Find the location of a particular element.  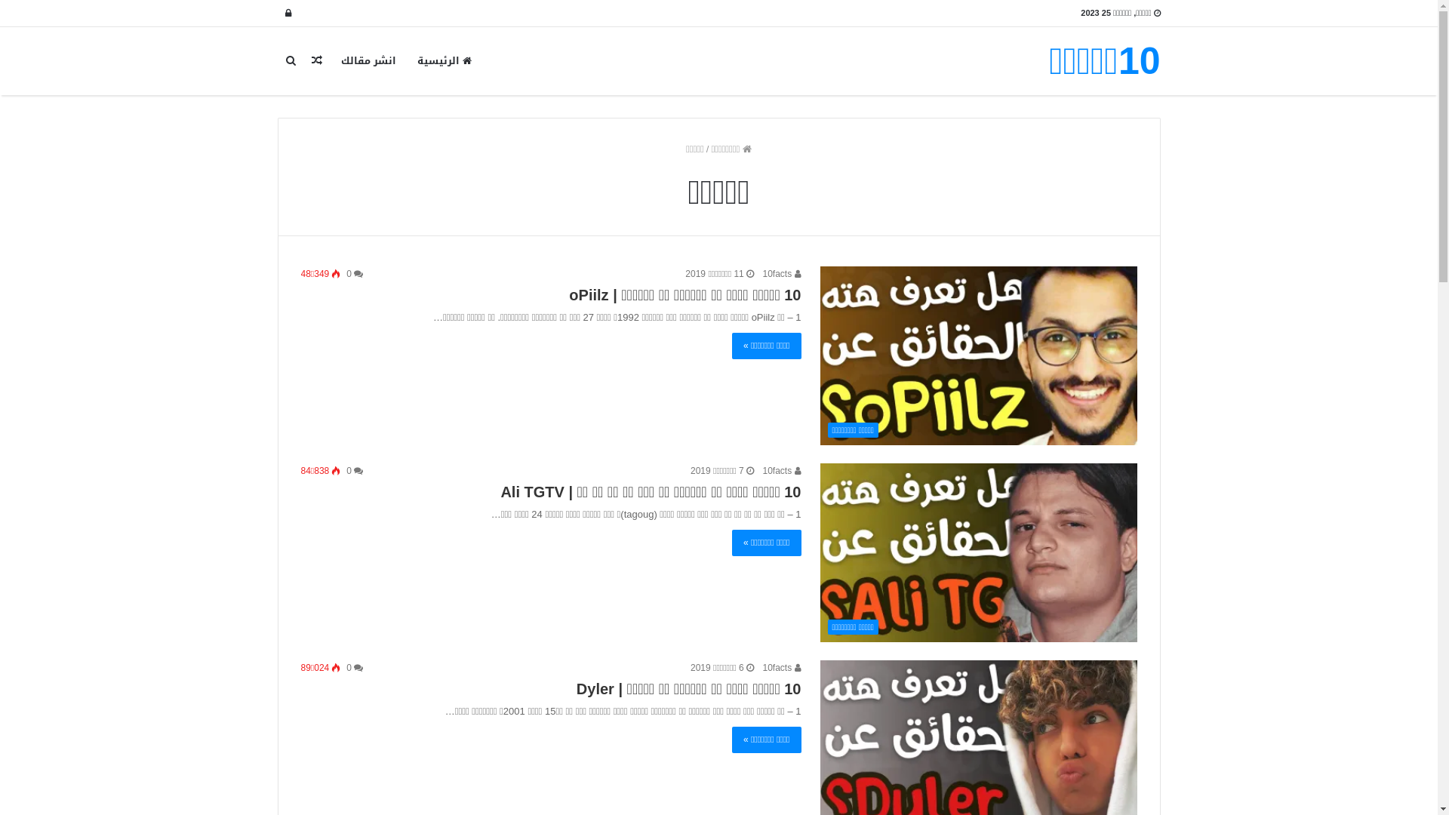

'0' is located at coordinates (354, 470).